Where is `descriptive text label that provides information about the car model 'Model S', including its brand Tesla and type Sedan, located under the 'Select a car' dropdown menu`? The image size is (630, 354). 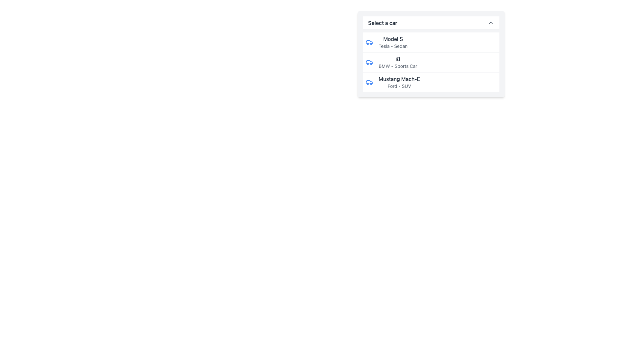
descriptive text label that provides information about the car model 'Model S', including its brand Tesla and type Sedan, located under the 'Select a car' dropdown menu is located at coordinates (393, 46).